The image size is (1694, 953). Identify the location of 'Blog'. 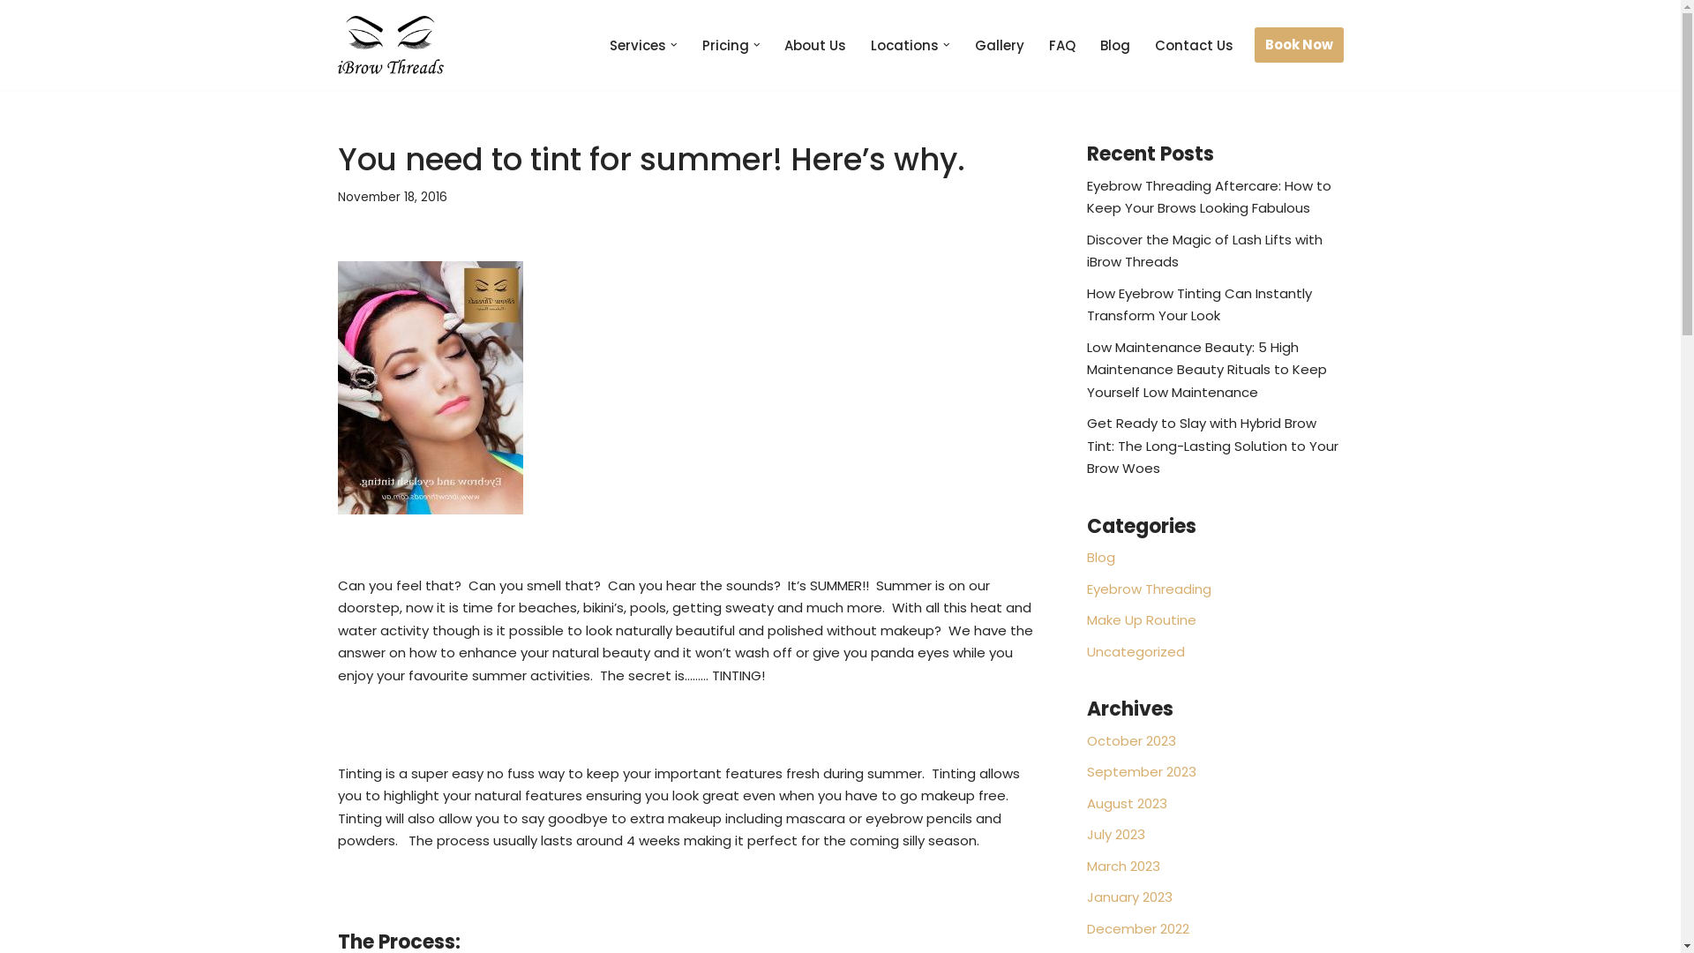
(1113, 44).